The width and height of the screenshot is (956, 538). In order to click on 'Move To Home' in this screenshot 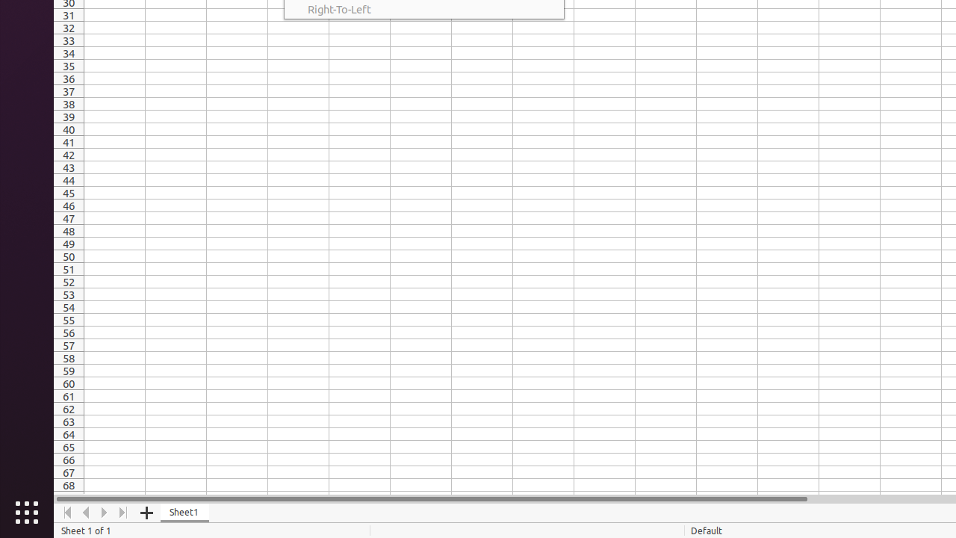, I will do `click(66, 512)`.